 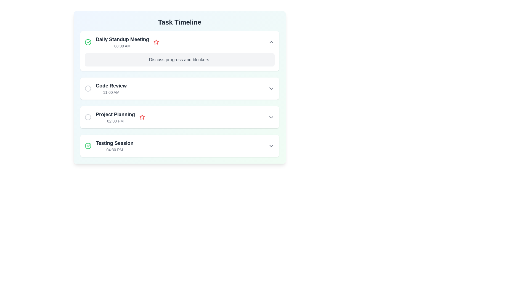 I want to click on the scheduled meeting entry named 'Code Review' at '11:00 AM' in the task timeline, so click(x=180, y=94).